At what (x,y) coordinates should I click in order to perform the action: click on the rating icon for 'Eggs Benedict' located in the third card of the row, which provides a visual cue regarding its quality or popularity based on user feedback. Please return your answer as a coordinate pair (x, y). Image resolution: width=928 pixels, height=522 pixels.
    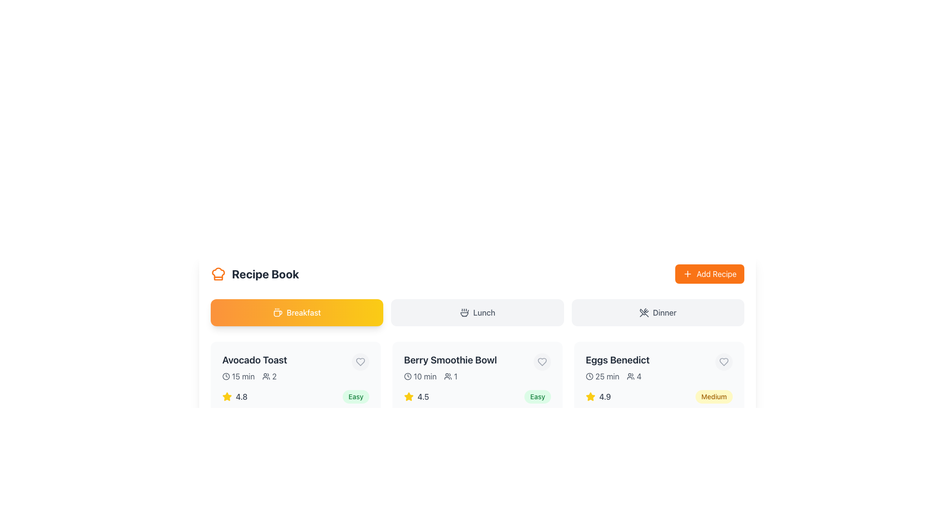
    Looking at the image, I should click on (598, 397).